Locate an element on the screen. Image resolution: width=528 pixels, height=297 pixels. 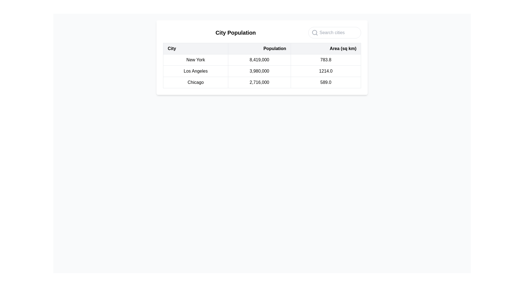
the third row of the data table containing the cells for 'Chicago', '2,716,000', and '589.0' is located at coordinates (262, 82).